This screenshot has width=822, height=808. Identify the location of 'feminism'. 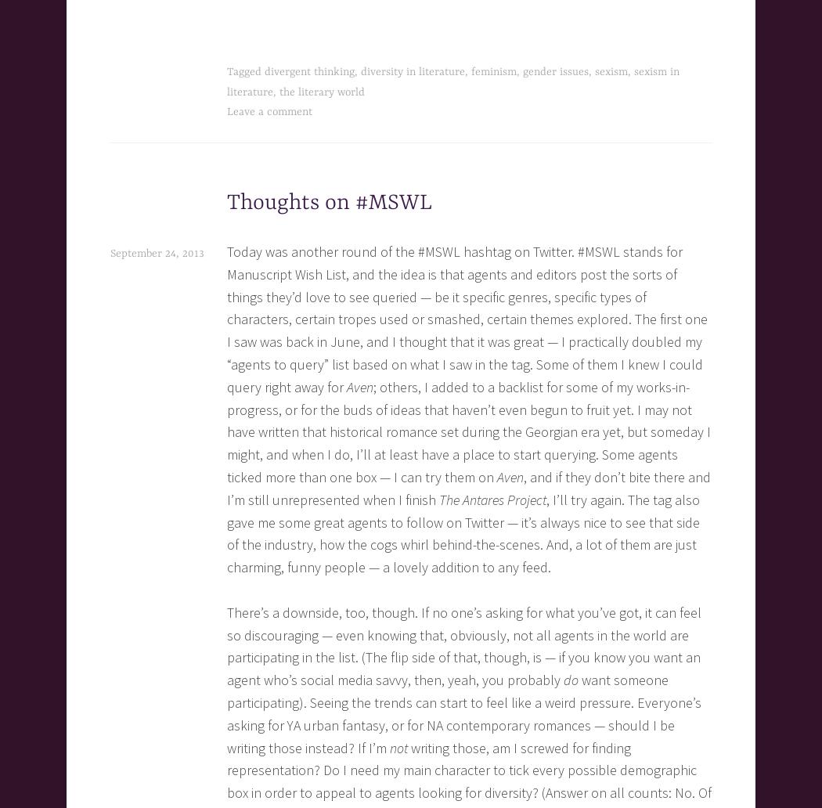
(494, 71).